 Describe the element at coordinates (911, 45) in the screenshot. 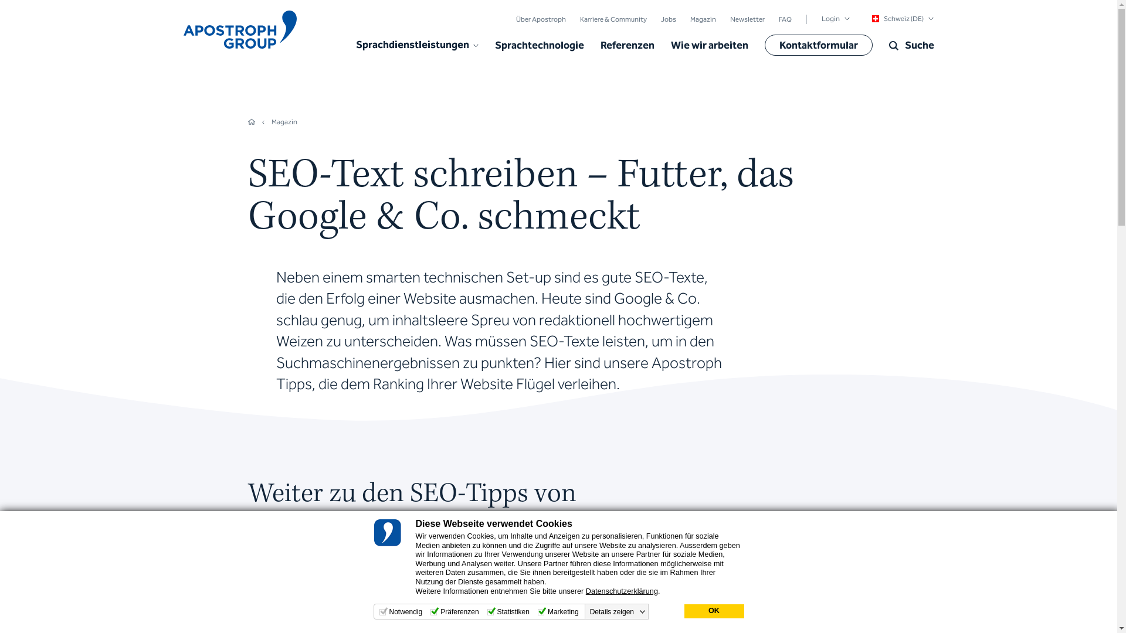

I see `'Suche'` at that location.